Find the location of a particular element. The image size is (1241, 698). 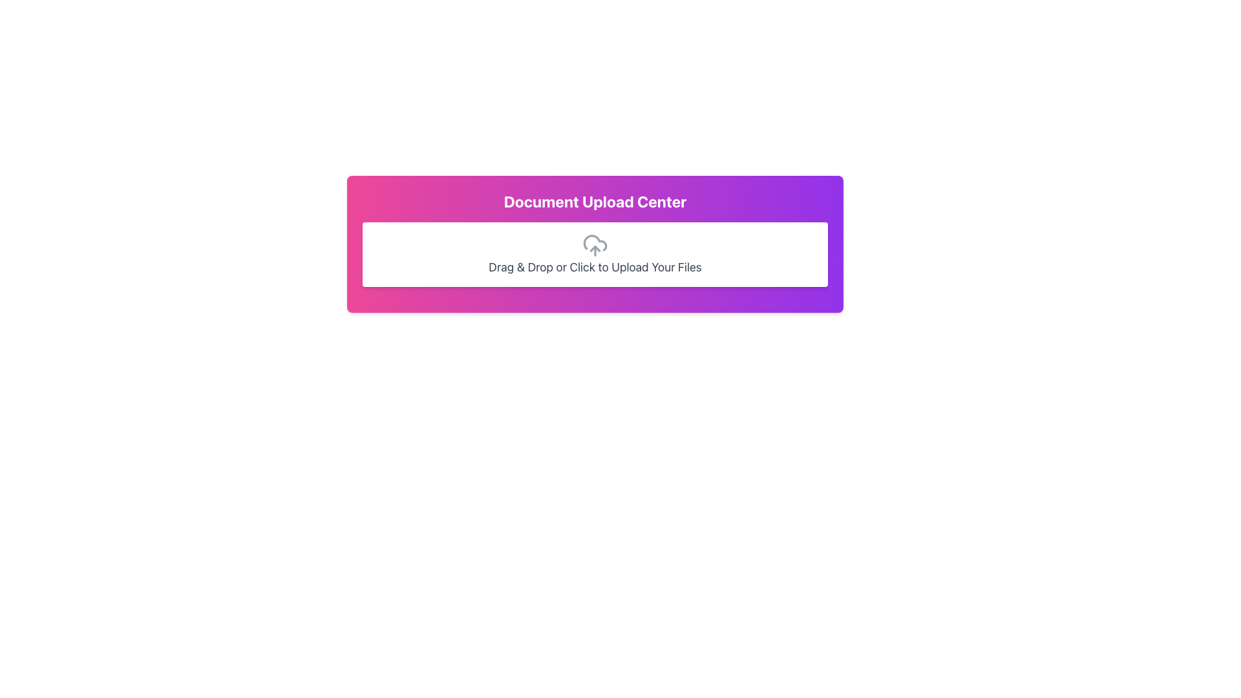

and drop files onto the File upload component located in the Document Upload Center is located at coordinates (595, 254).